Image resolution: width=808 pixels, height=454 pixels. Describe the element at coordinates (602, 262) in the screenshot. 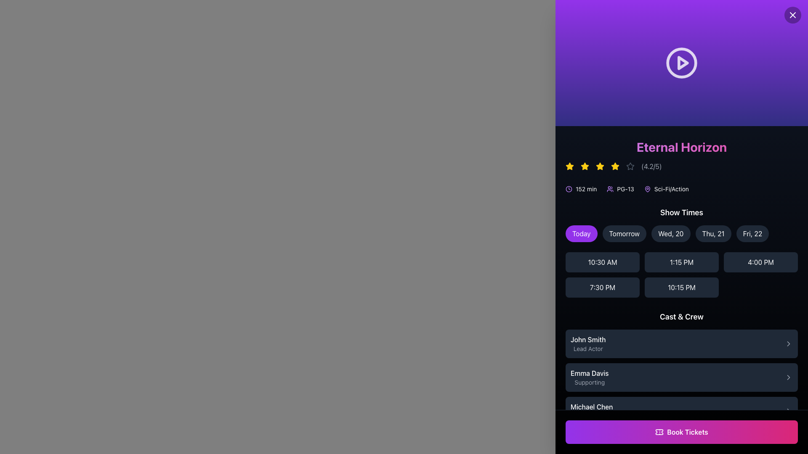

I see `the top-left button for the '10:30 AM' showtime` at that location.